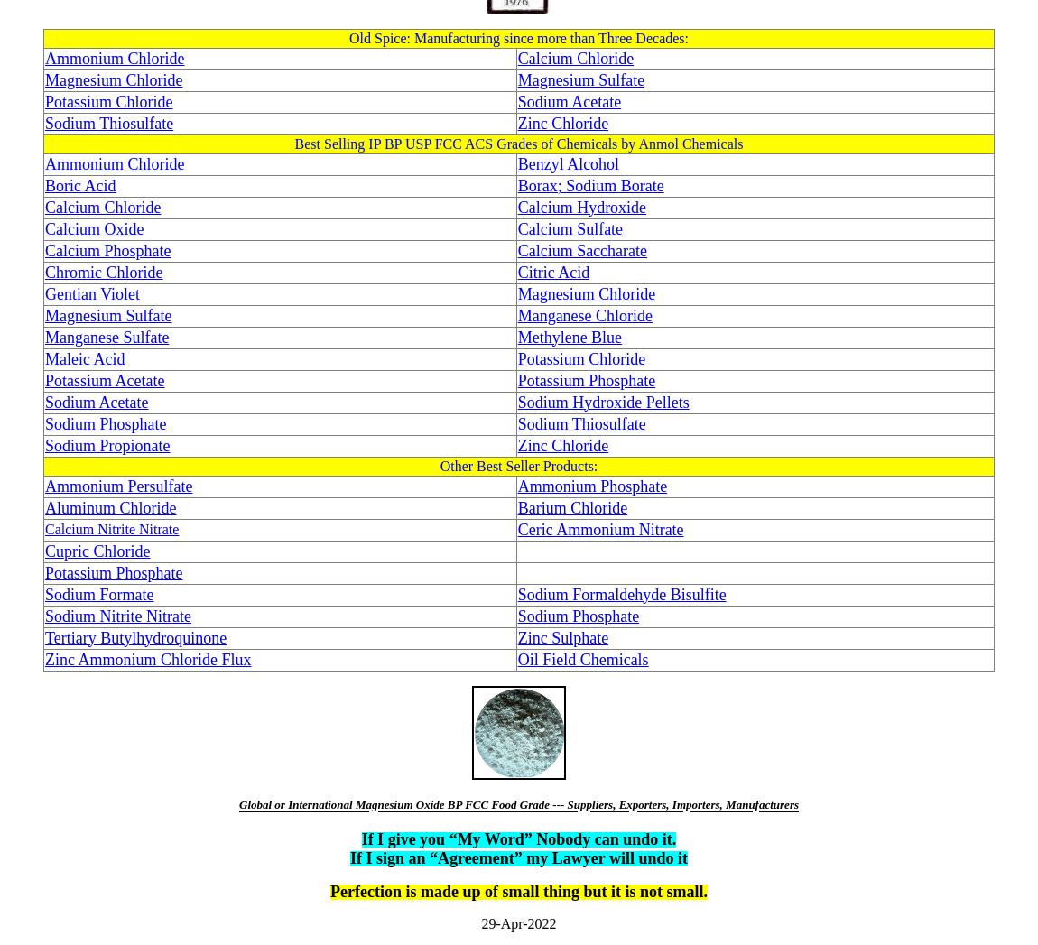 The width and height of the screenshot is (1038, 945). I want to click on 'Ammonium Persulfate', so click(117, 485).